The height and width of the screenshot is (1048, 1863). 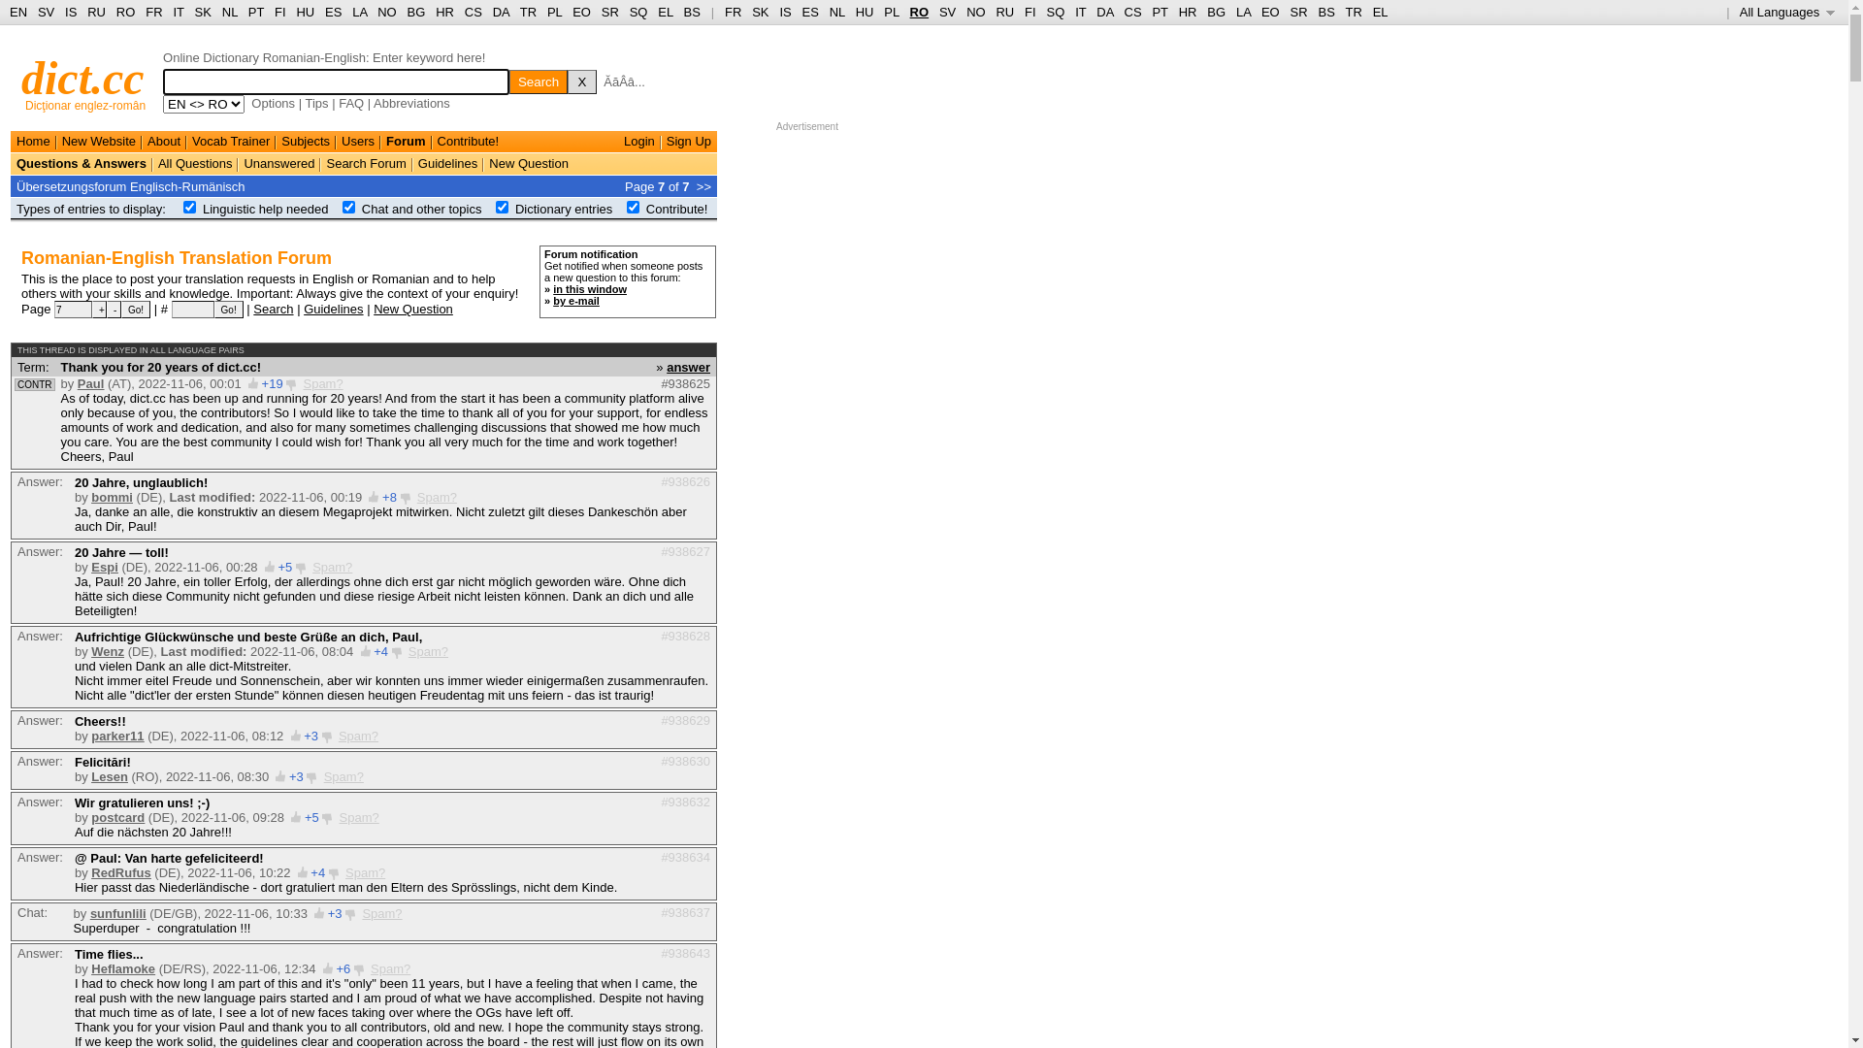 What do you see at coordinates (633, 207) in the screenshot?
I see `'on'` at bounding box center [633, 207].